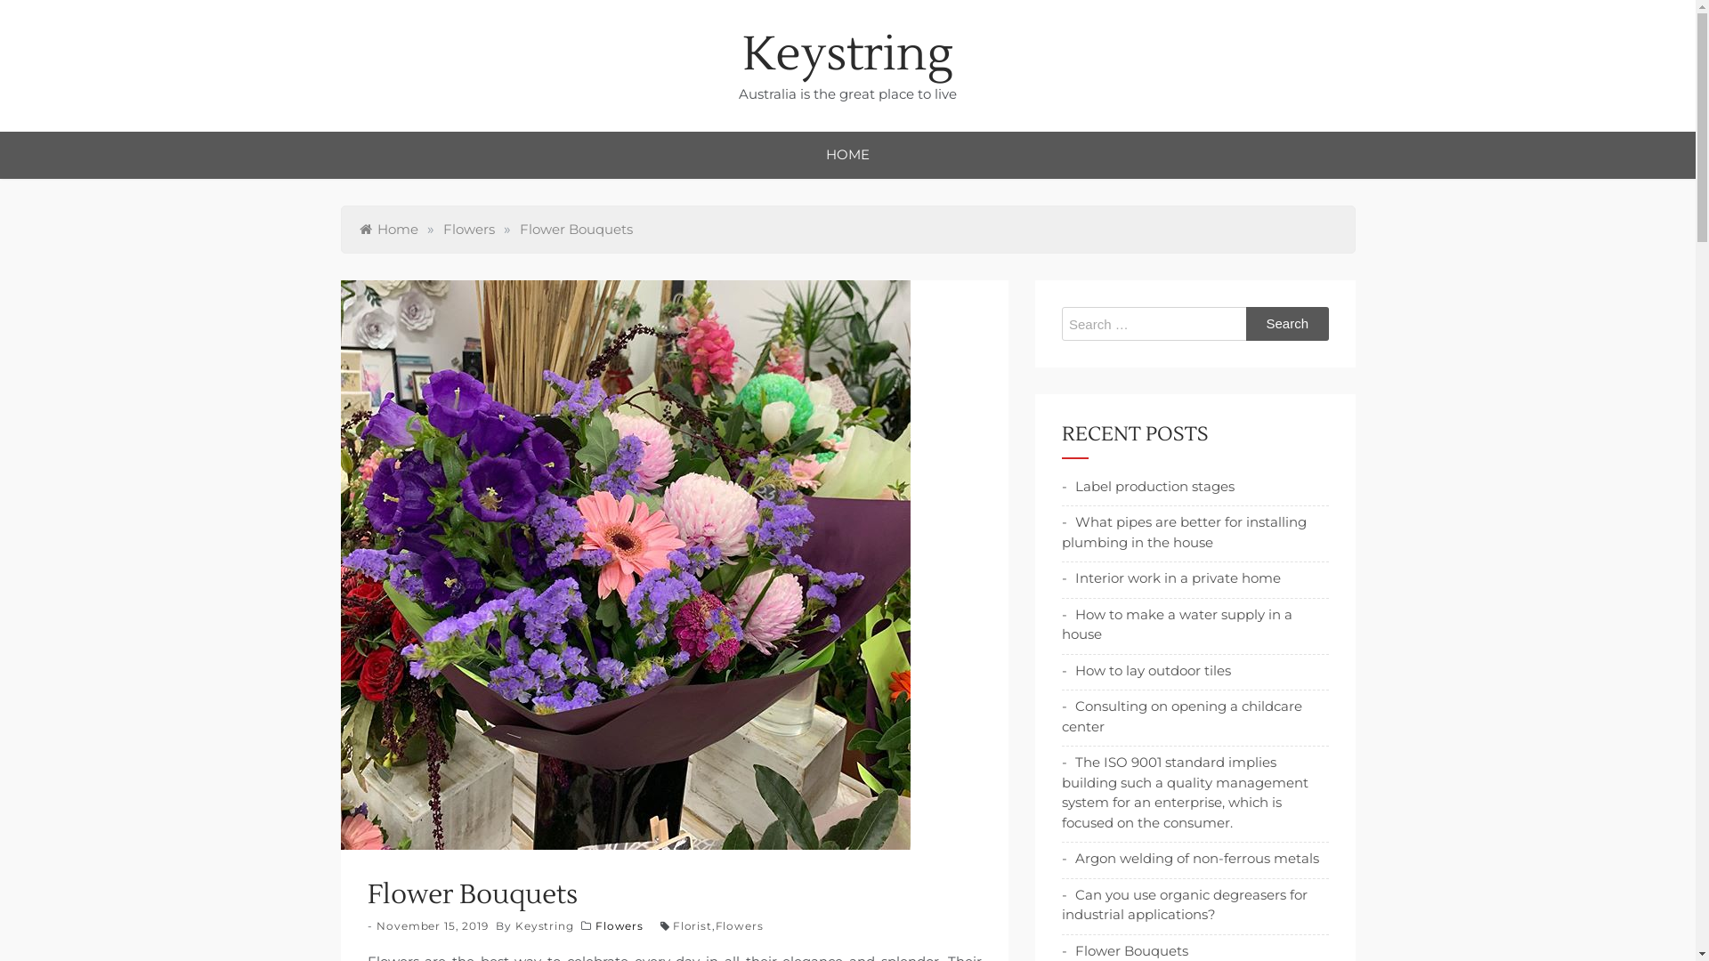 This screenshot has width=1709, height=961. What do you see at coordinates (1245, 323) in the screenshot?
I see `'Search'` at bounding box center [1245, 323].